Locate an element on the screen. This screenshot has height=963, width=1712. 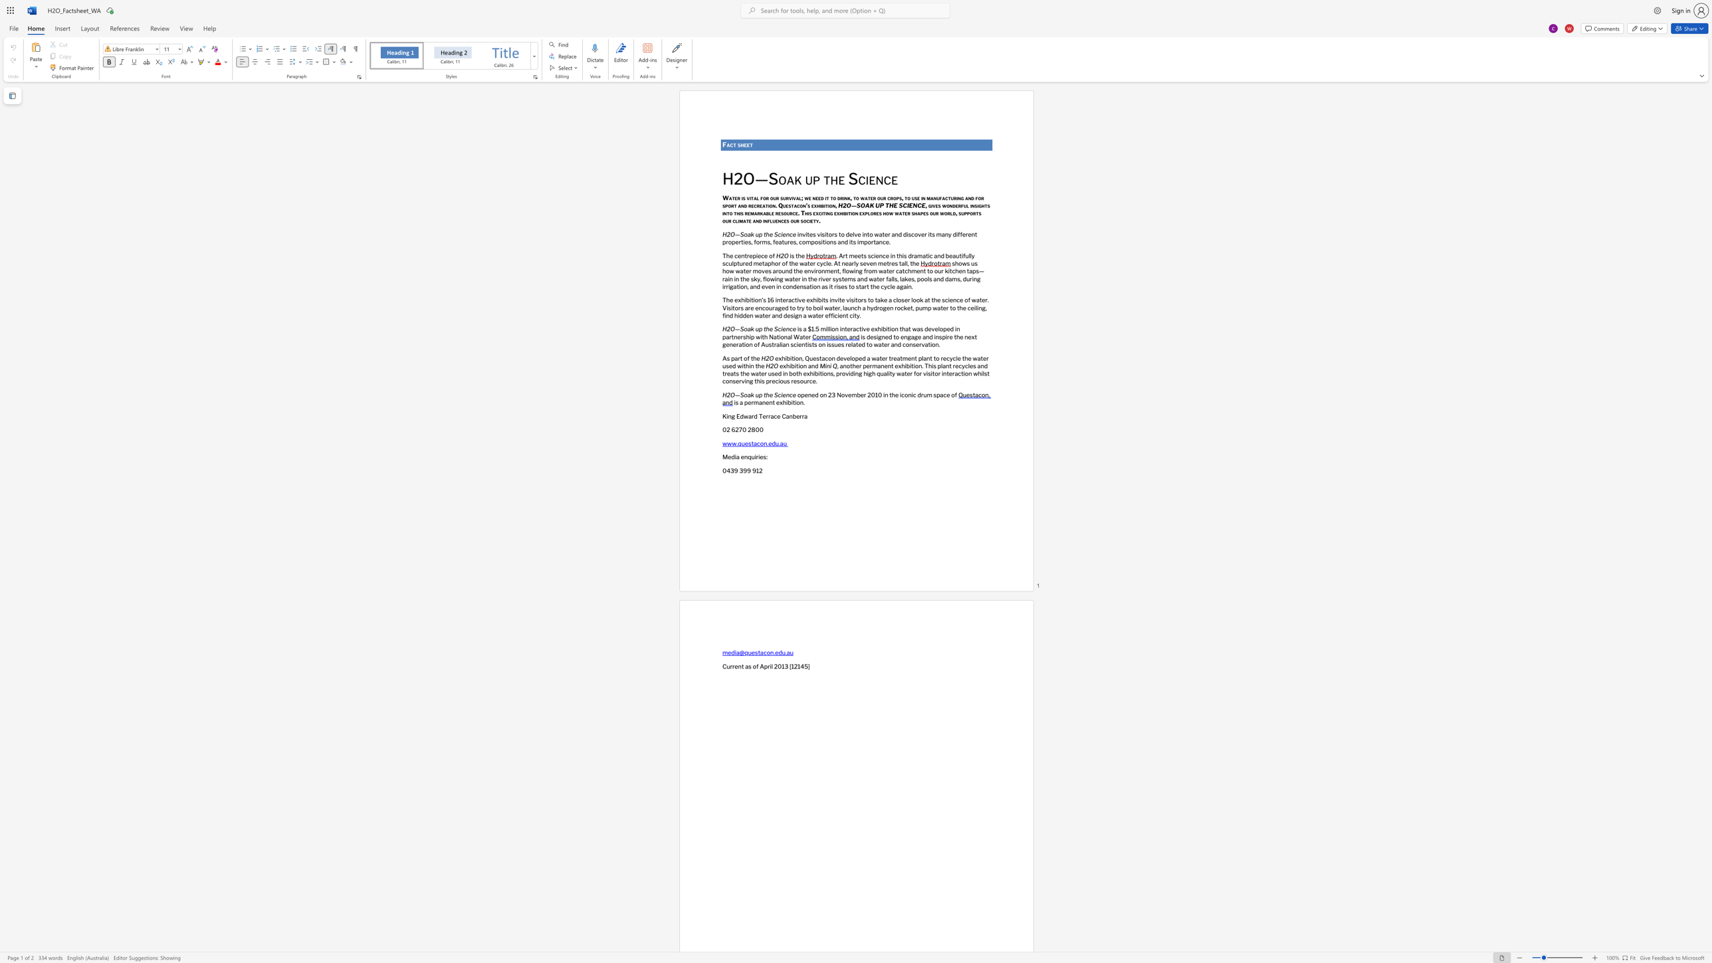
the subset text "ng, find hidden" within the text "The exhibition’s 16 interactive exhibits invite visitors to take a closer look at the science of water. Visitors are encouraged to try to boil water, launch a hydrogen rocket, pump water to the ceiling, find hidden water and design a water efficient city." is located at coordinates (977, 307).